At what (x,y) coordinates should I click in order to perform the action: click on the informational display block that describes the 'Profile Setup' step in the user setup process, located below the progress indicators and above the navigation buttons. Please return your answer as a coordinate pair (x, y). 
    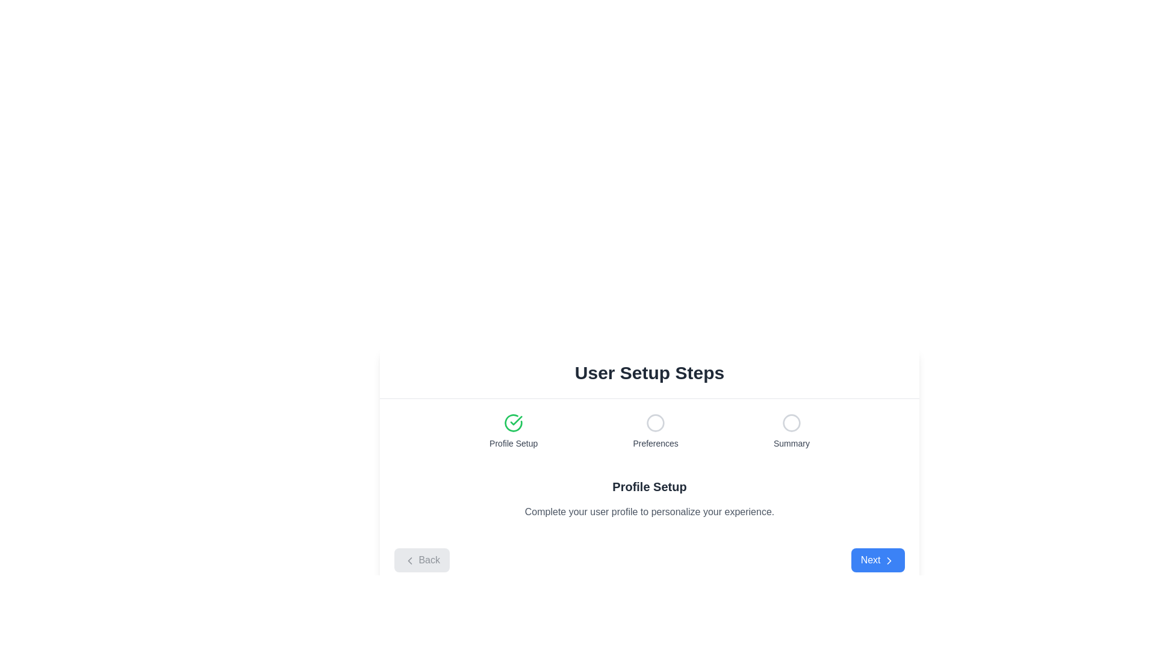
    Looking at the image, I should click on (649, 499).